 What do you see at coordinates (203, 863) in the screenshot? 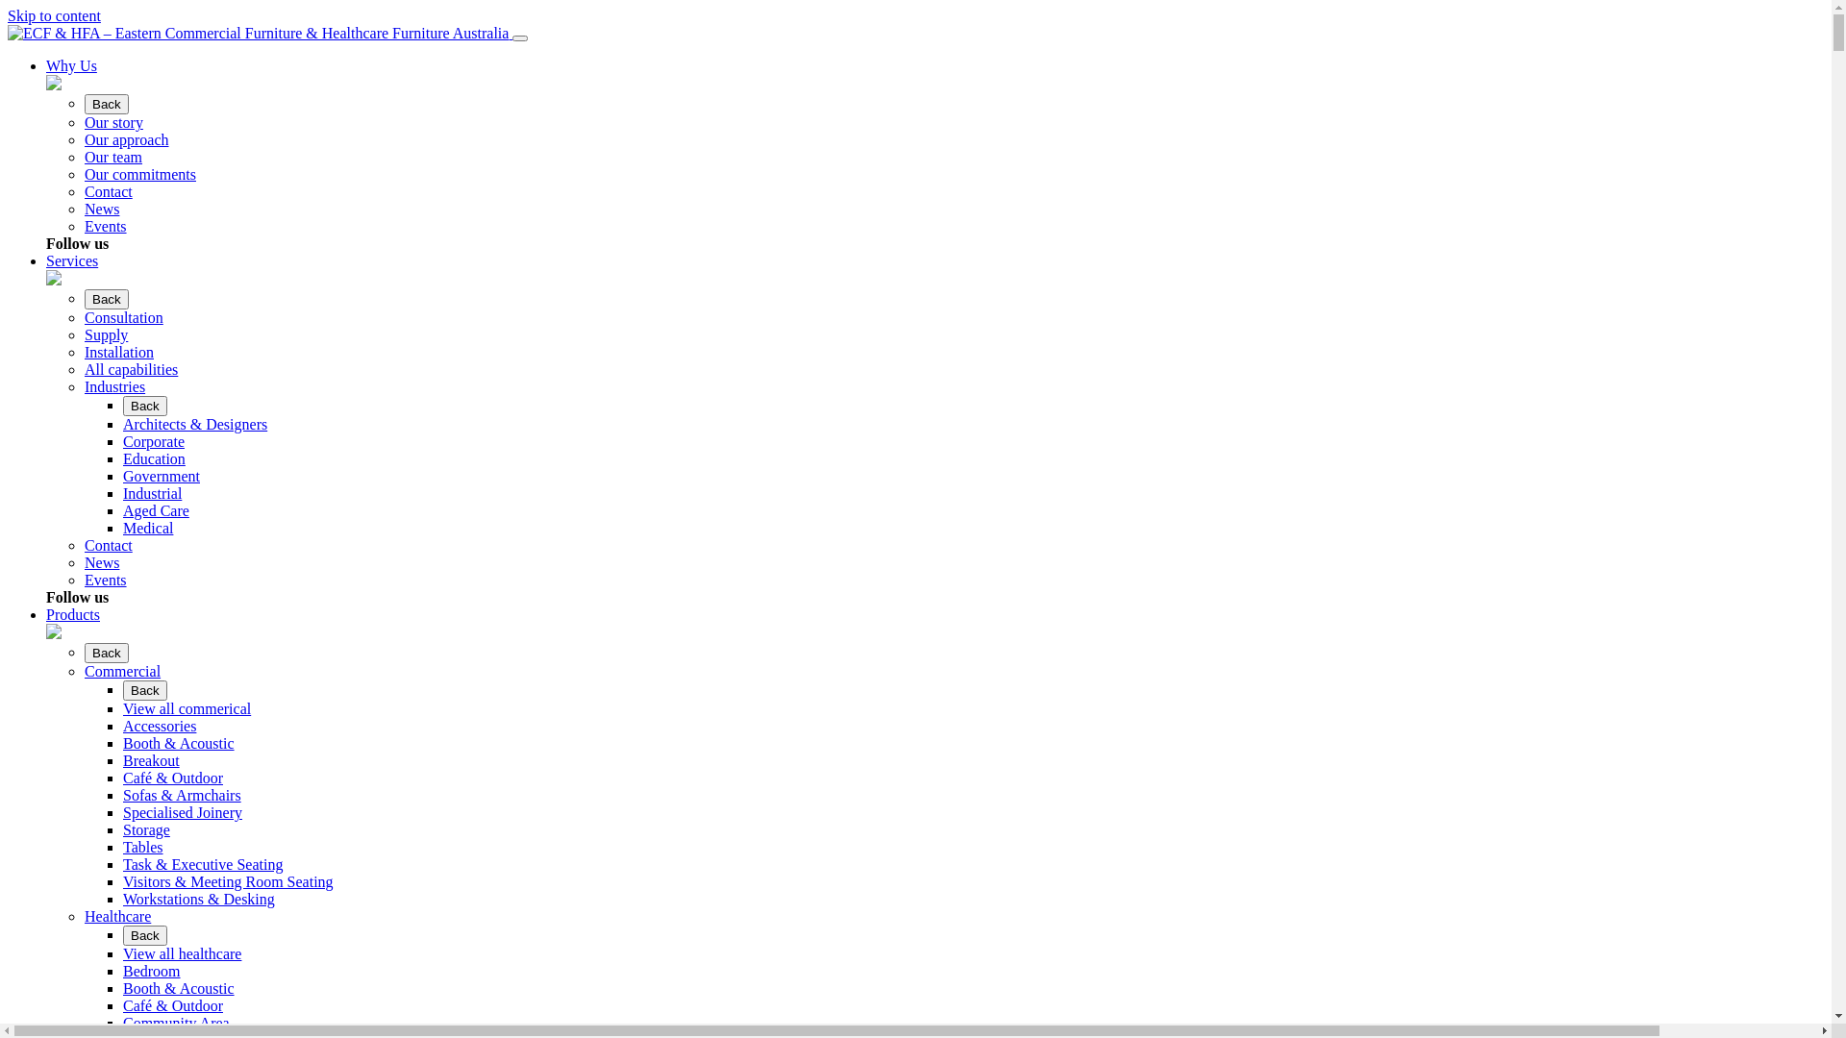
I see `'Task & Executive Seating'` at bounding box center [203, 863].